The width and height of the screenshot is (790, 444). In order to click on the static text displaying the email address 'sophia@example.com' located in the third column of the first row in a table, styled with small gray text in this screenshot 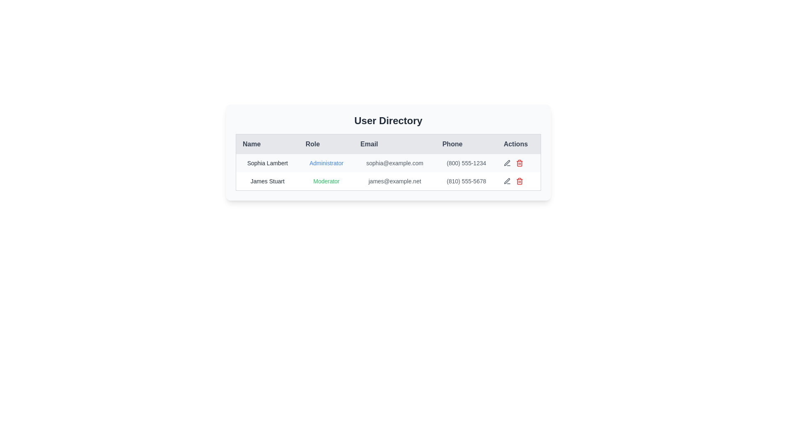, I will do `click(394, 163)`.